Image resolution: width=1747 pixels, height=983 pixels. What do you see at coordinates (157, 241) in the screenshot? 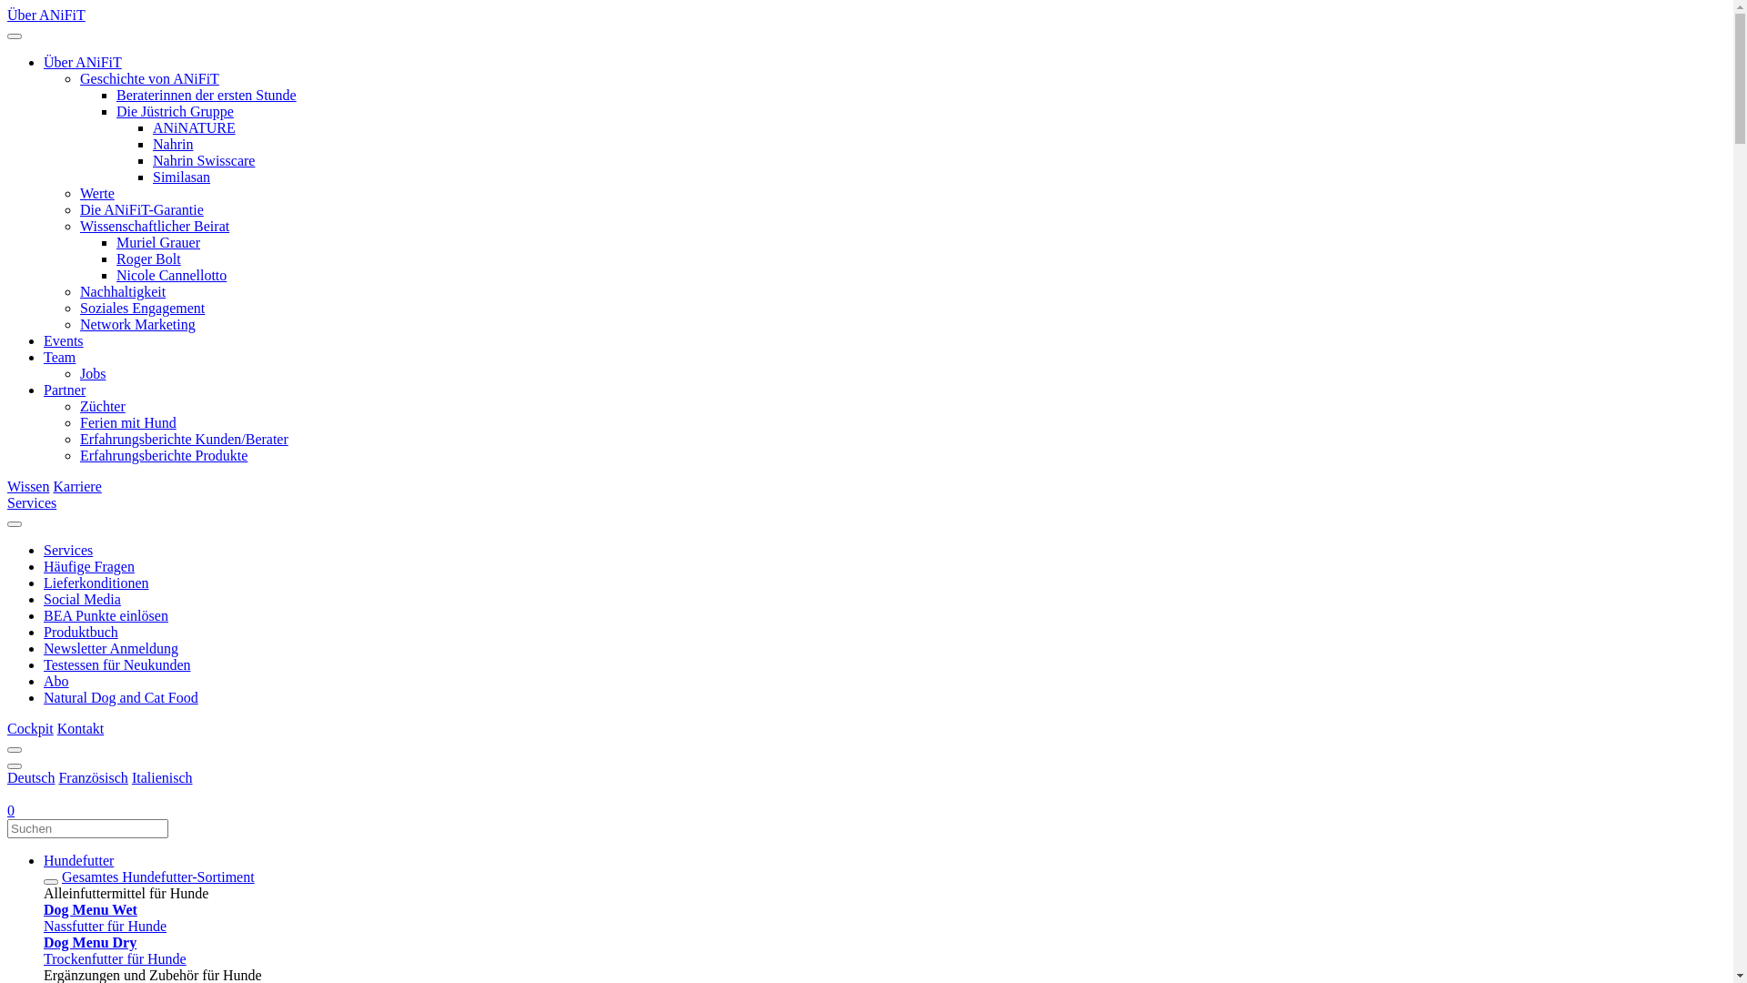
I see `'Muriel Grauer'` at bounding box center [157, 241].